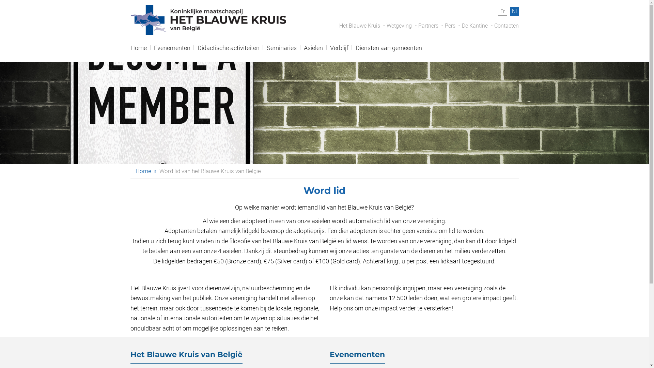  What do you see at coordinates (502, 12) in the screenshot?
I see `'Fr'` at bounding box center [502, 12].